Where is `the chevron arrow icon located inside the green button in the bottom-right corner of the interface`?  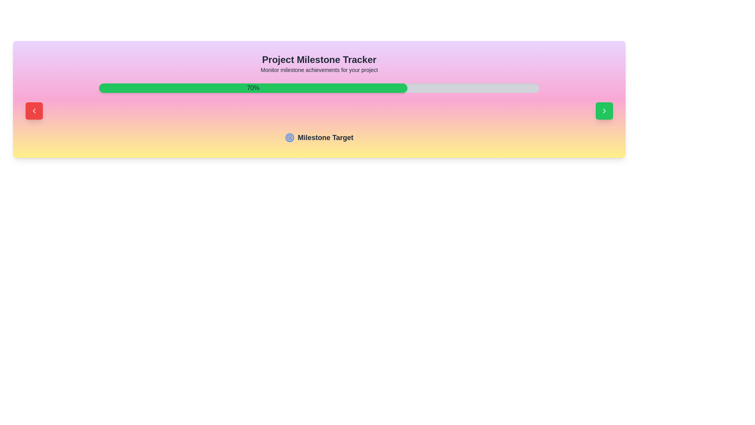 the chevron arrow icon located inside the green button in the bottom-right corner of the interface is located at coordinates (604, 111).